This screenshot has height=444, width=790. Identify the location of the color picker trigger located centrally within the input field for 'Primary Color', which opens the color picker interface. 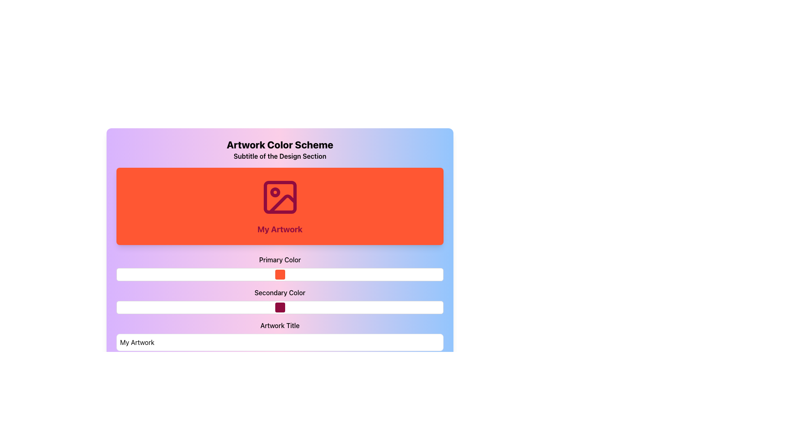
(280, 274).